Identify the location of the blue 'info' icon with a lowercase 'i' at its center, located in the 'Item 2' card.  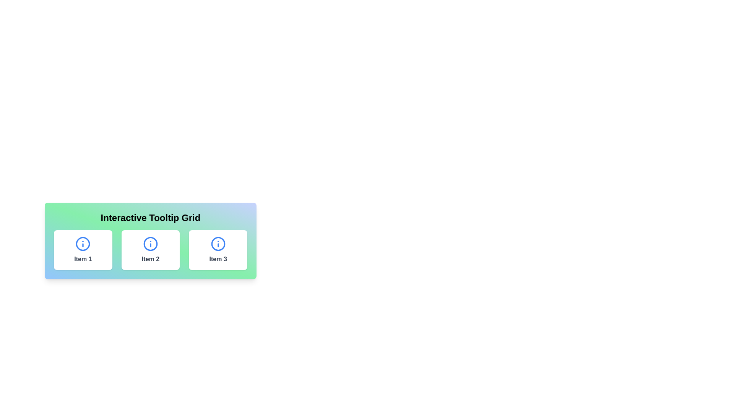
(150, 244).